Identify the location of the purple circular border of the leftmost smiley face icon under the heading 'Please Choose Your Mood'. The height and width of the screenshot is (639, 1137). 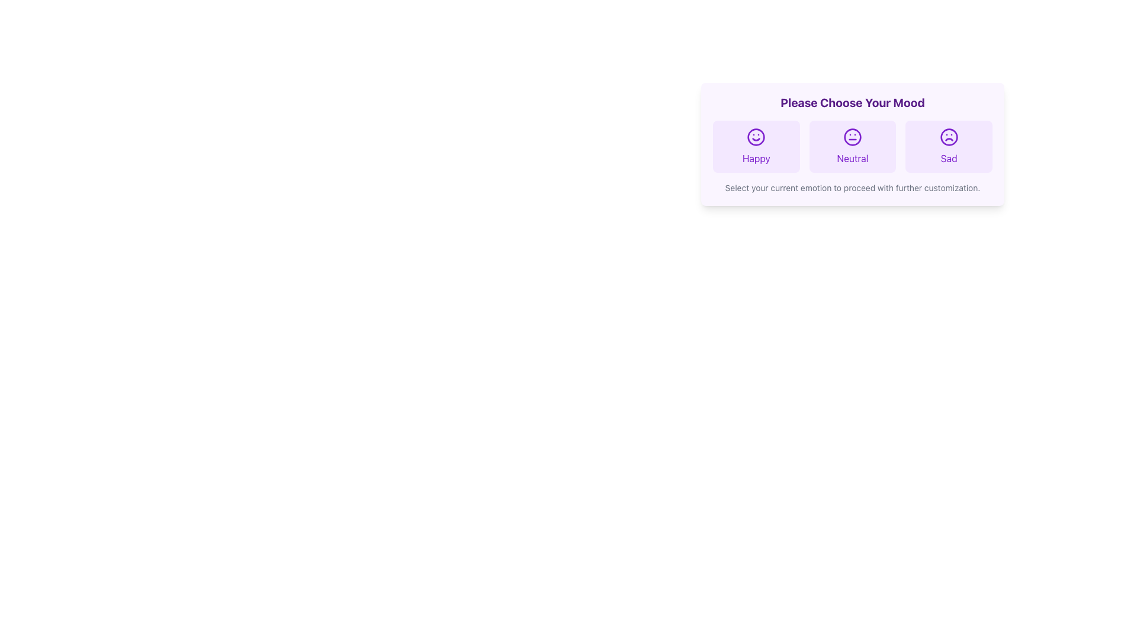
(756, 136).